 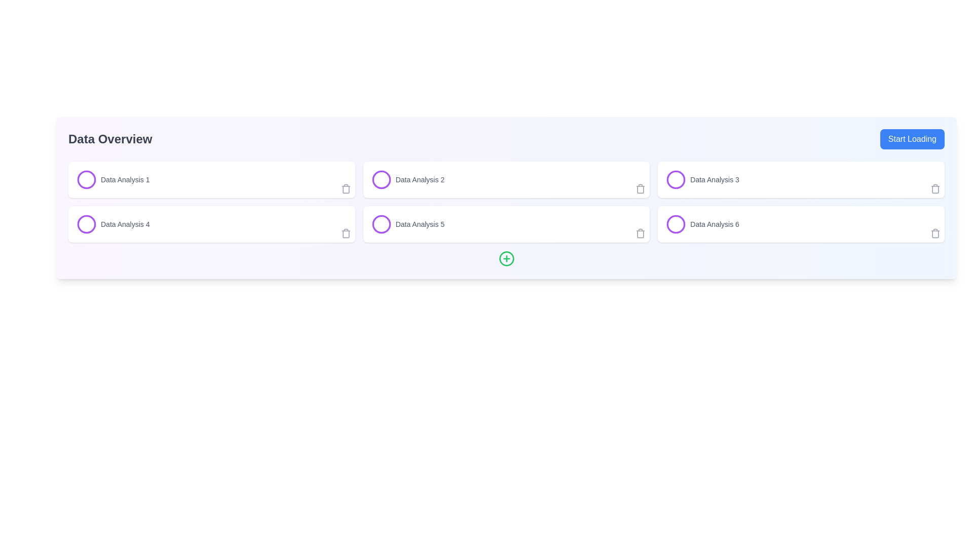 What do you see at coordinates (125, 179) in the screenshot?
I see `text content of the Text label that identifies the first data analysis item in the top-left segment of the grid layout, positioned next to a circular icon` at bounding box center [125, 179].